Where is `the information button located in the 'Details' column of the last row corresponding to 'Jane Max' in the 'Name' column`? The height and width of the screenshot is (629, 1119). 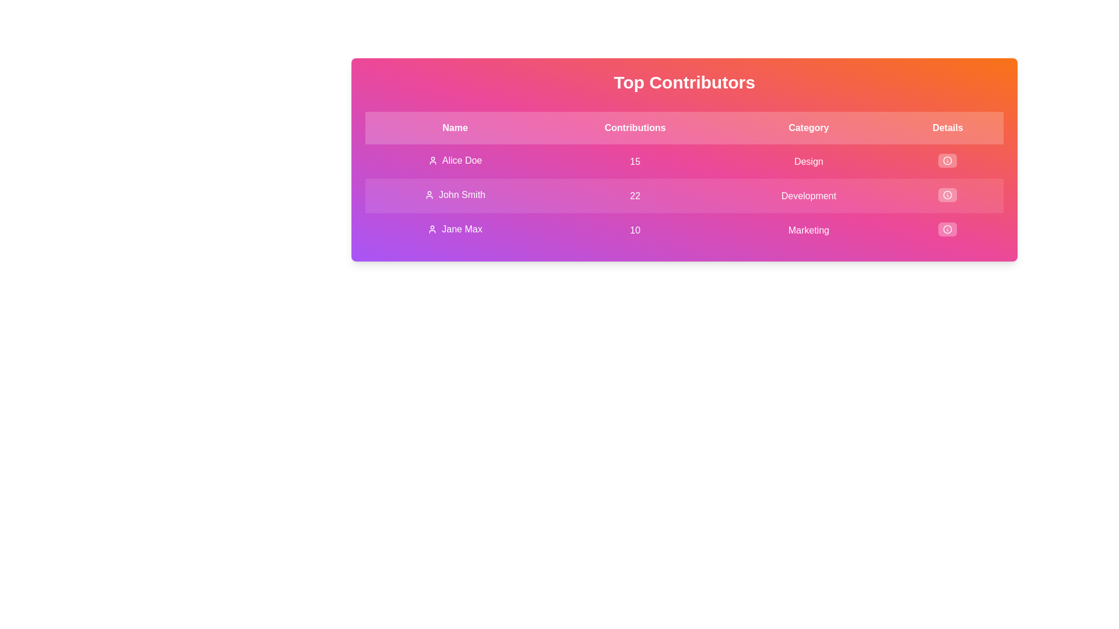
the information button located in the 'Details' column of the last row corresponding to 'Jane Max' in the 'Name' column is located at coordinates (948, 230).